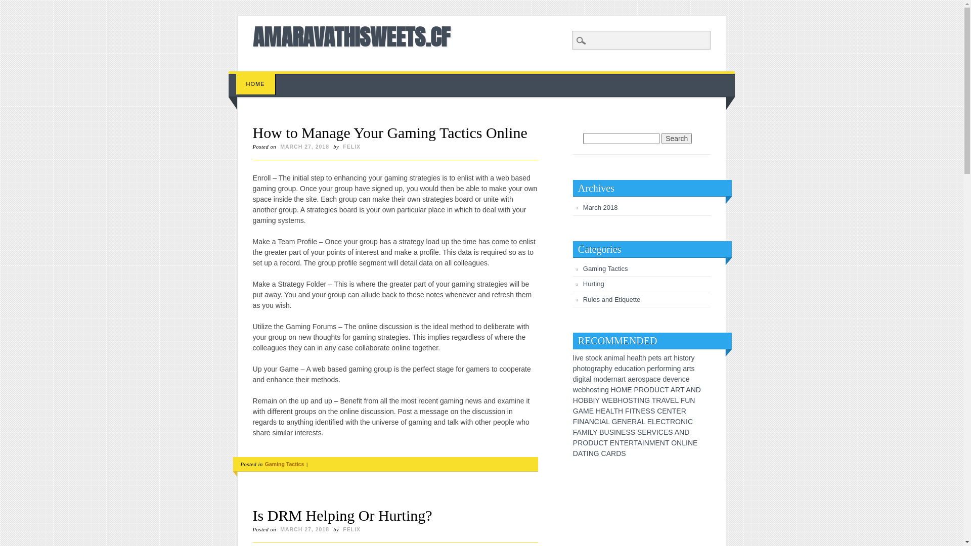 Image resolution: width=971 pixels, height=546 pixels. Describe the element at coordinates (607, 411) in the screenshot. I see `'A'` at that location.